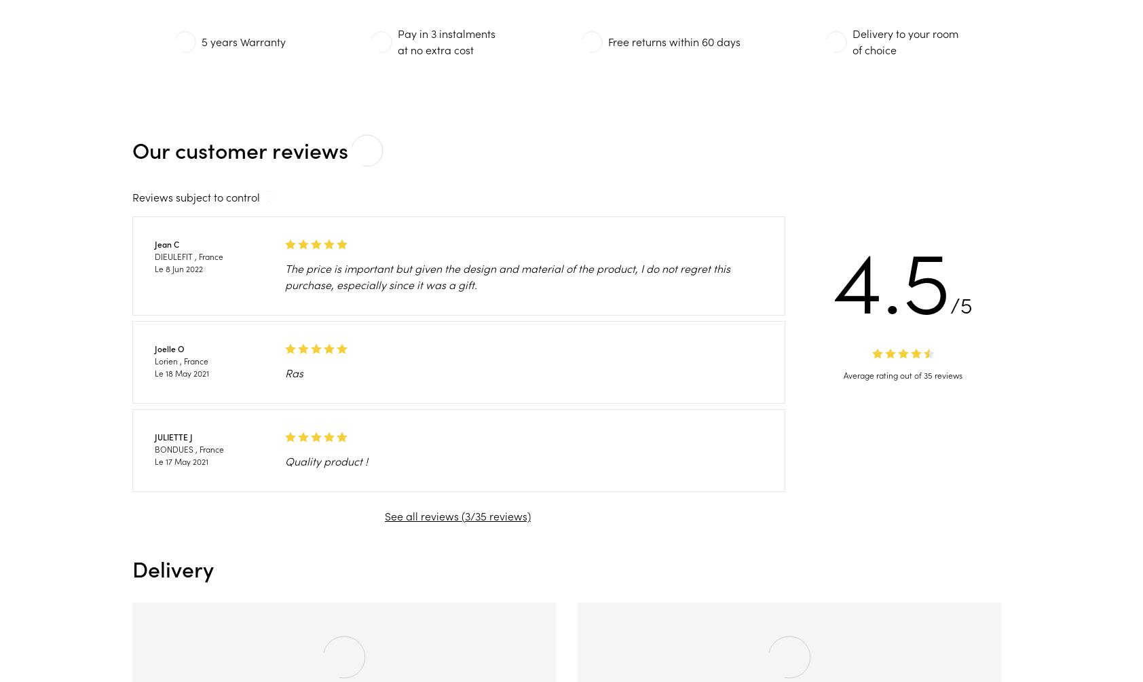 The height and width of the screenshot is (682, 1143). Describe the element at coordinates (422, 515) in the screenshot. I see `'See all reviews'` at that location.